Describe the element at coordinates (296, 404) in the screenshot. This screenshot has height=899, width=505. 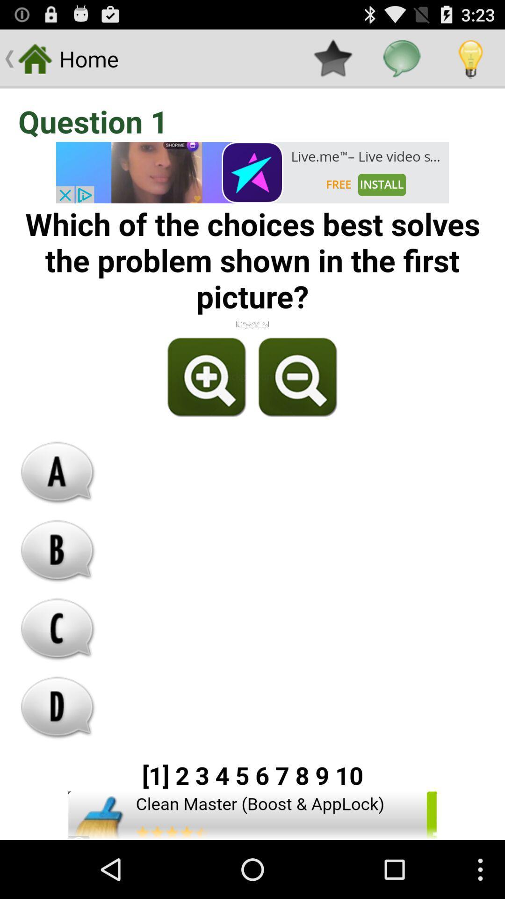
I see `the zoom_out icon` at that location.